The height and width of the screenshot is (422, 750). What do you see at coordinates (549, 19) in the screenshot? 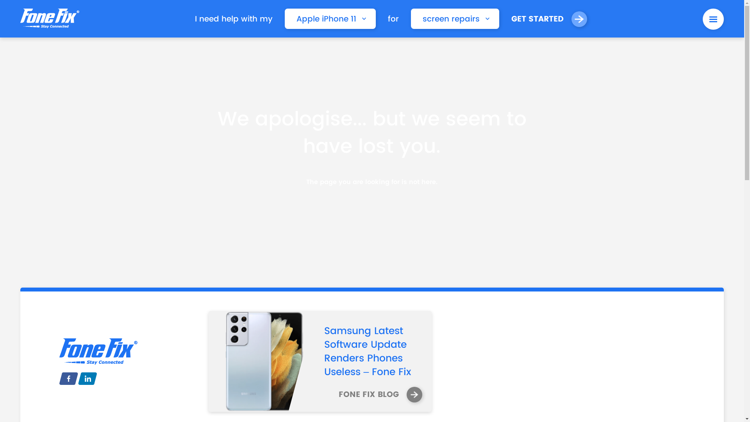
I see `'GET STARTED'` at bounding box center [549, 19].